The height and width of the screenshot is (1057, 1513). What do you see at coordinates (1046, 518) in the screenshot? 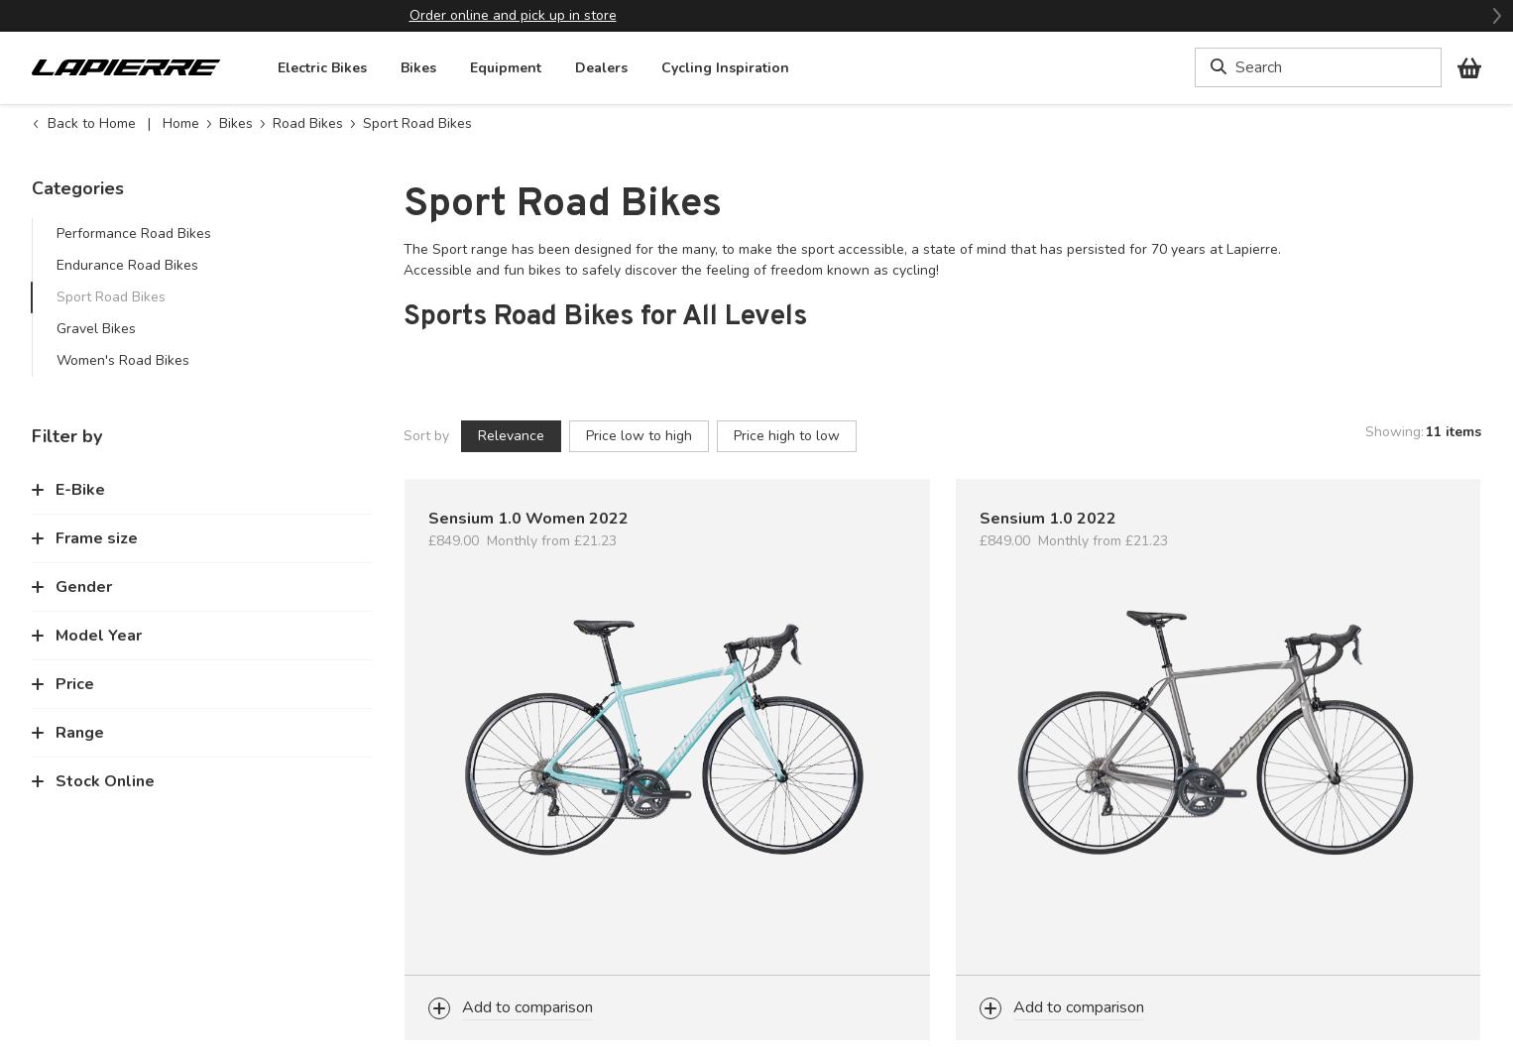
I see `'Sensium 1.0 2022'` at bounding box center [1046, 518].